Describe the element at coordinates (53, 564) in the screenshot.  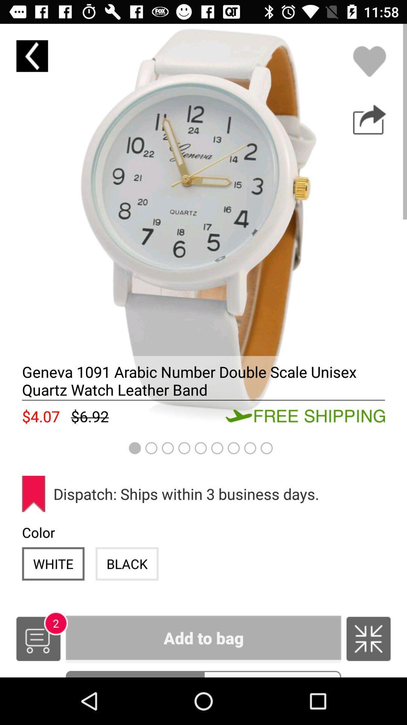
I see `white` at that location.